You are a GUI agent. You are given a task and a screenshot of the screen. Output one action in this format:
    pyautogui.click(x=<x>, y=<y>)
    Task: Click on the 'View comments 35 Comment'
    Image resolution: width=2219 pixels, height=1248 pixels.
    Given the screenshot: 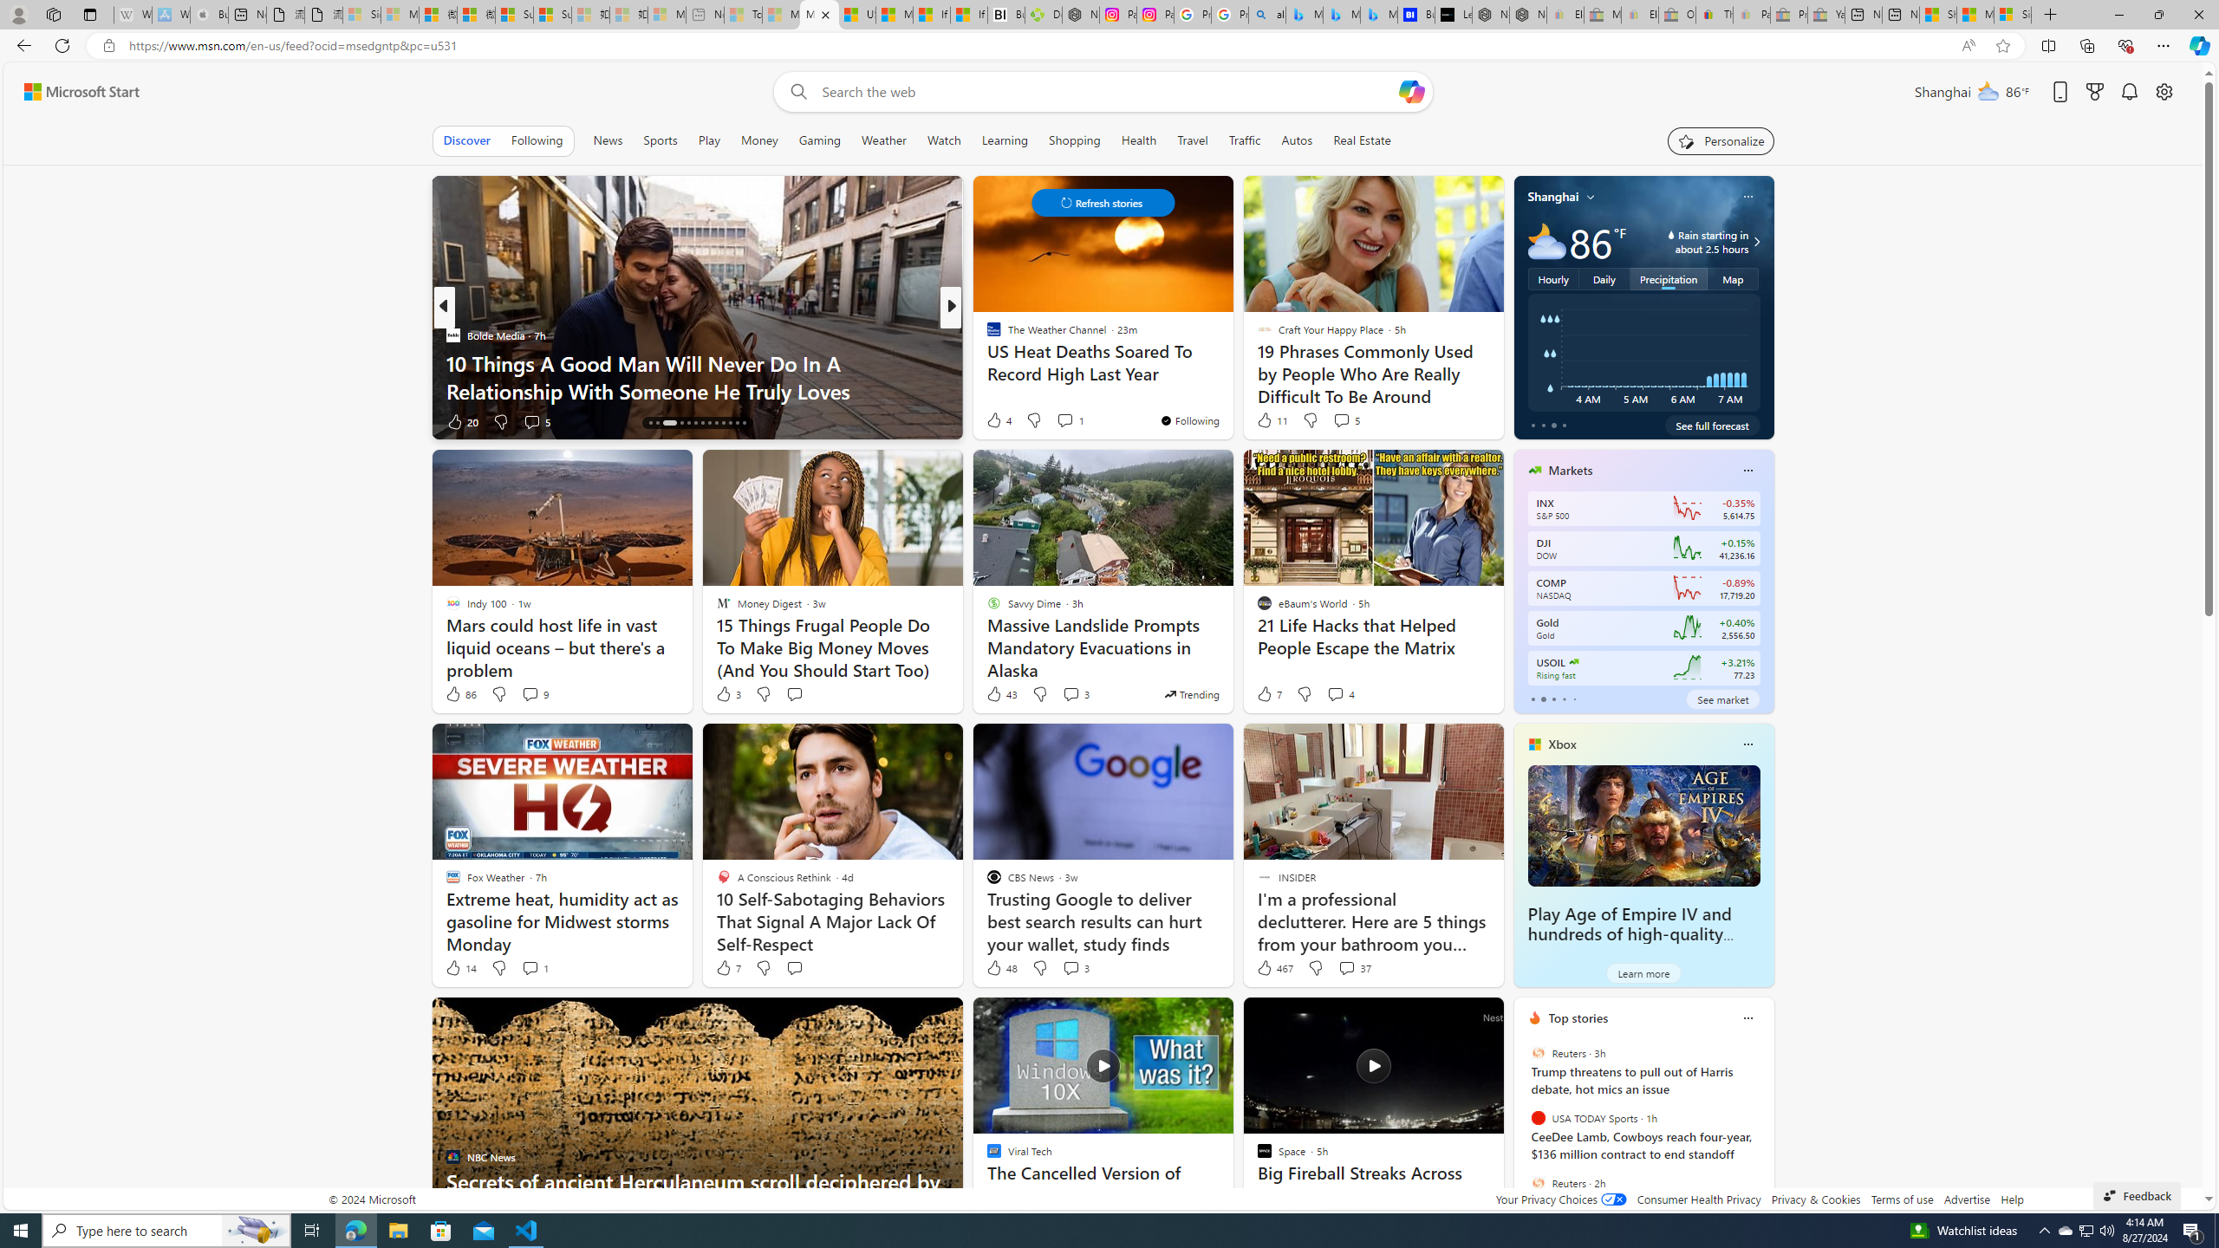 What is the action you would take?
    pyautogui.click(x=1077, y=421)
    